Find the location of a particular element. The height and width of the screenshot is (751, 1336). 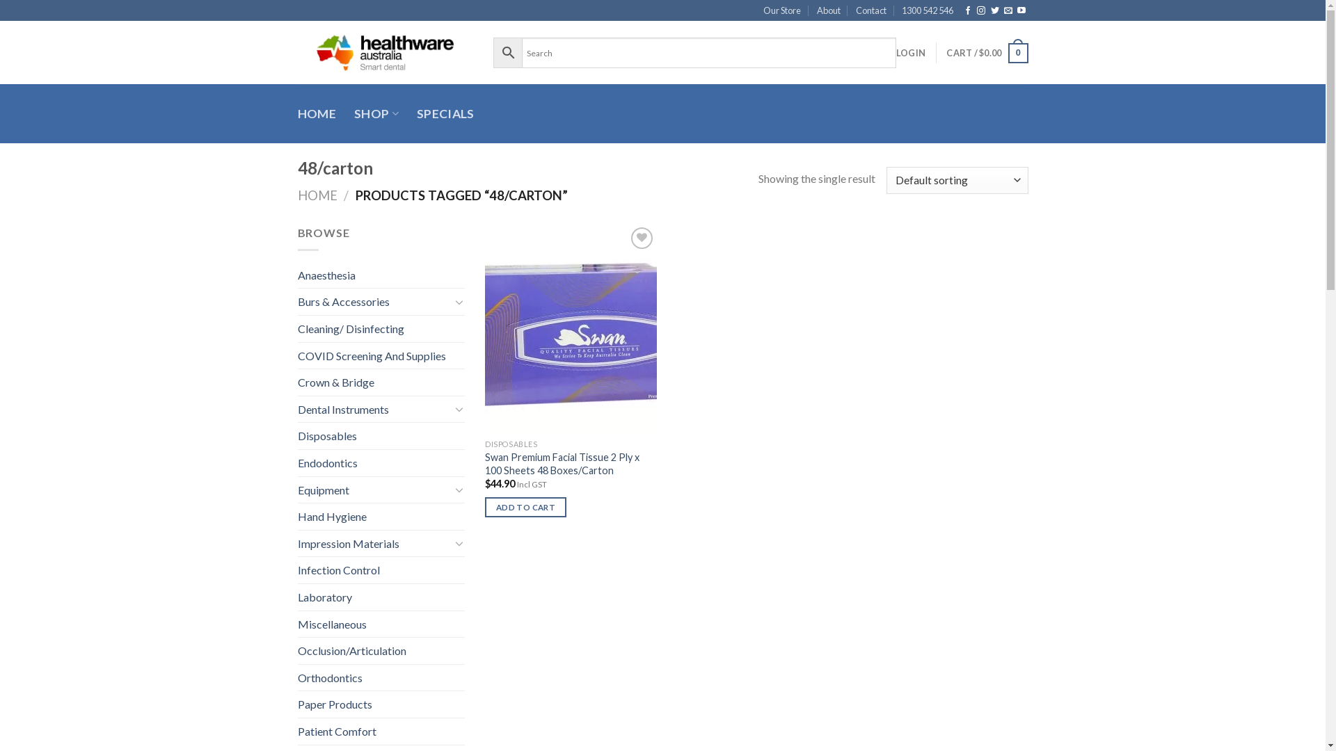

'LOGIN' is located at coordinates (911, 52).